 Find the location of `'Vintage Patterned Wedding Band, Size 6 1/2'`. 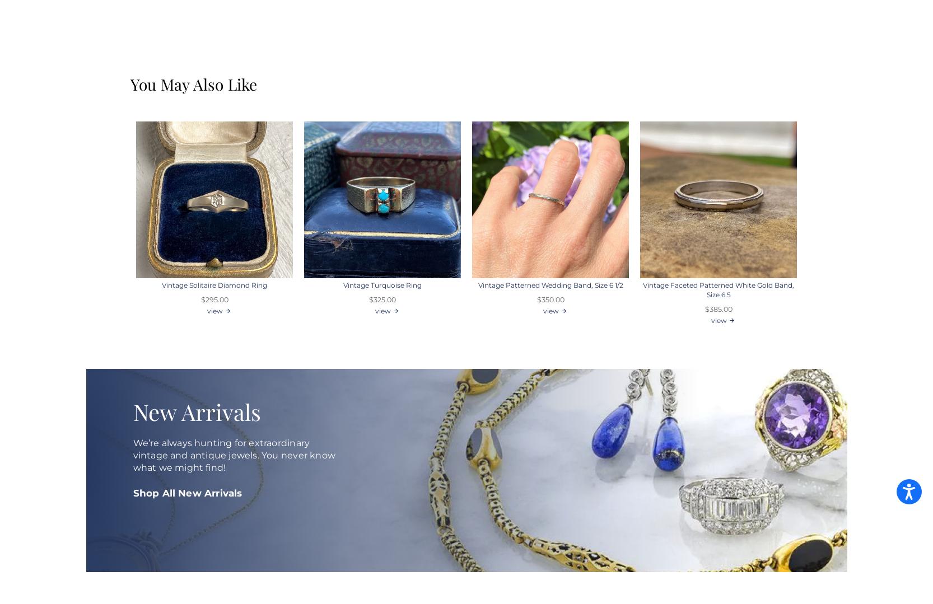

'Vintage Patterned Wedding Band, Size 6 1/2' is located at coordinates (477, 285).